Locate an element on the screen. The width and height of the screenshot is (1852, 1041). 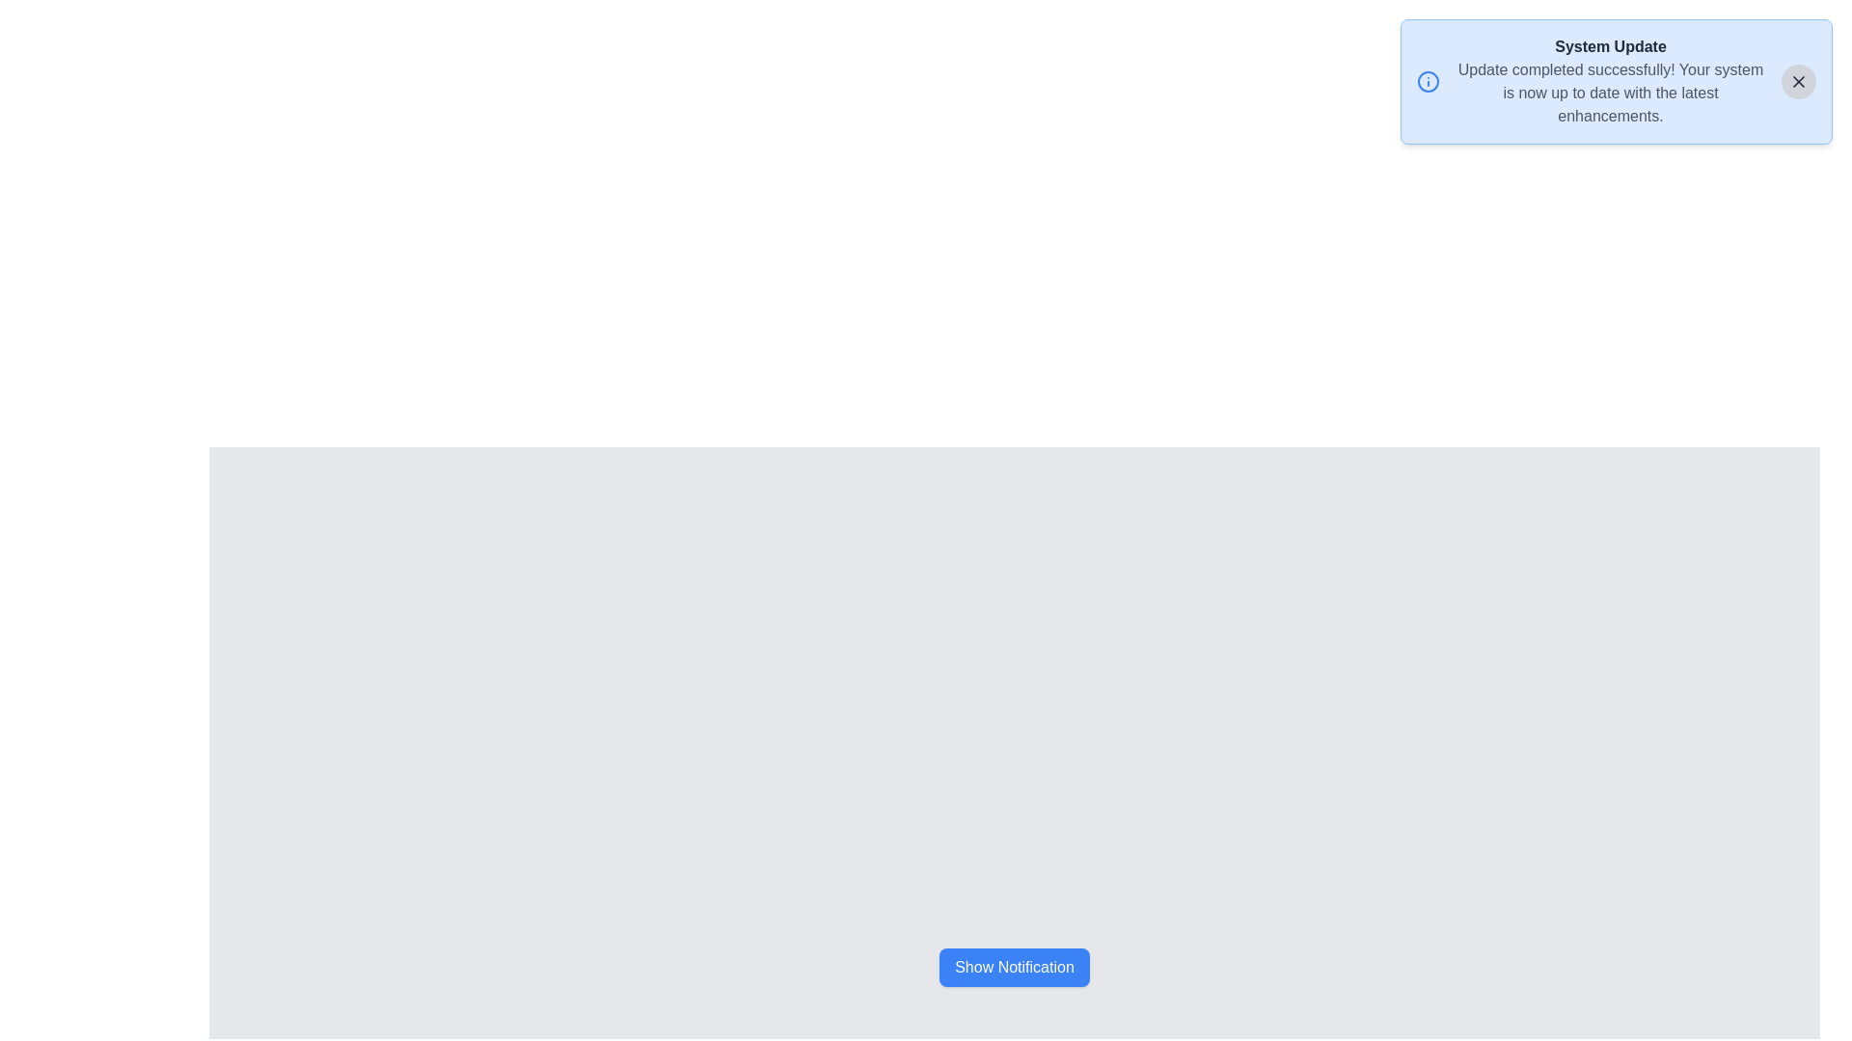
the 'Show Notification' button to display the notification is located at coordinates (1013, 967).